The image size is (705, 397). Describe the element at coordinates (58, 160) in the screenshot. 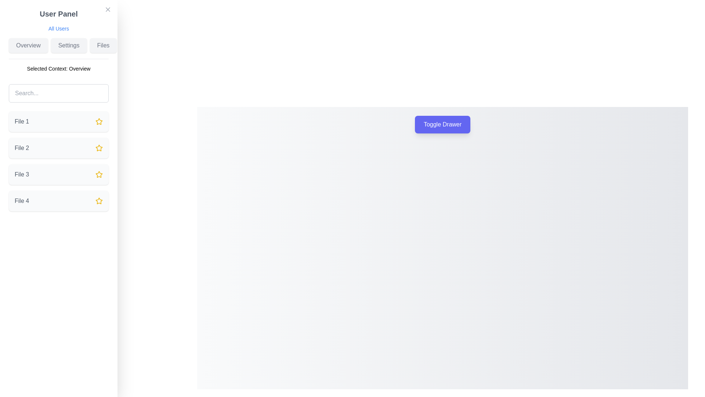

I see `the 'File 2' list item in the vertical menu` at that location.